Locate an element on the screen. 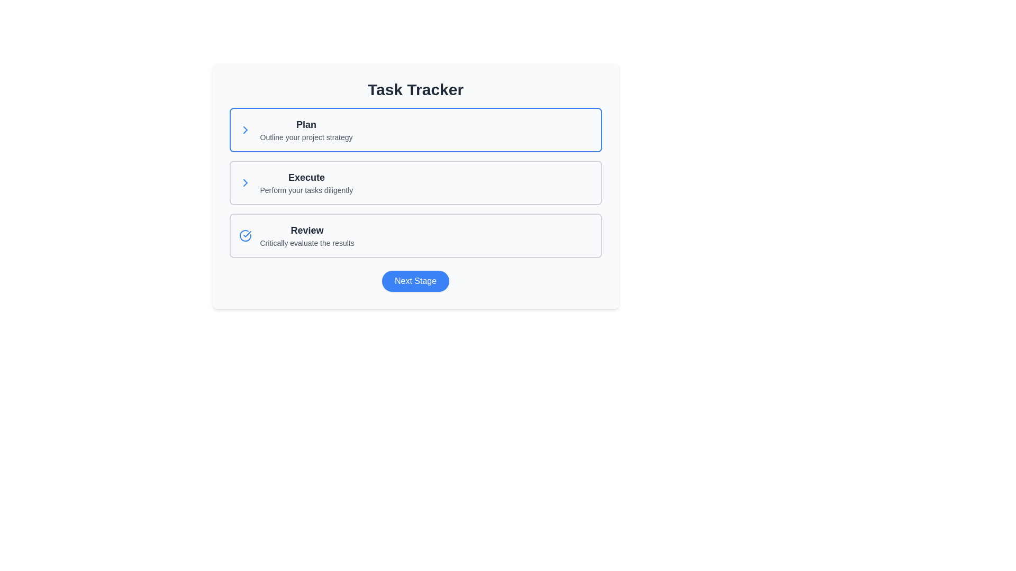  the chevron icon, a small triangular arrow pointing to the right, located within the second list item labeled 'Execute Perform your tasks diligently' is located at coordinates (244, 130).